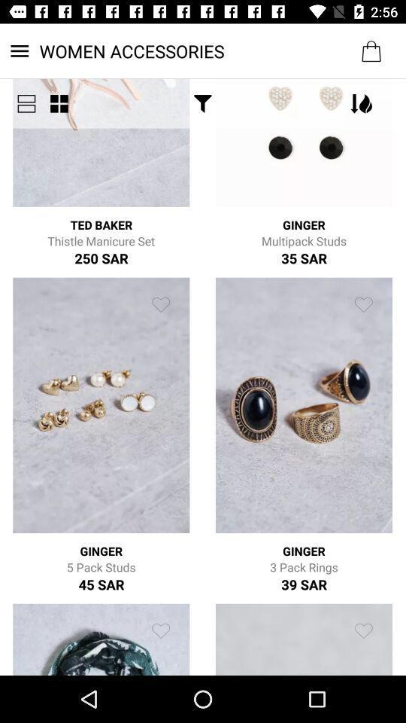  I want to click on the top button in first row second image, so click(362, 102).